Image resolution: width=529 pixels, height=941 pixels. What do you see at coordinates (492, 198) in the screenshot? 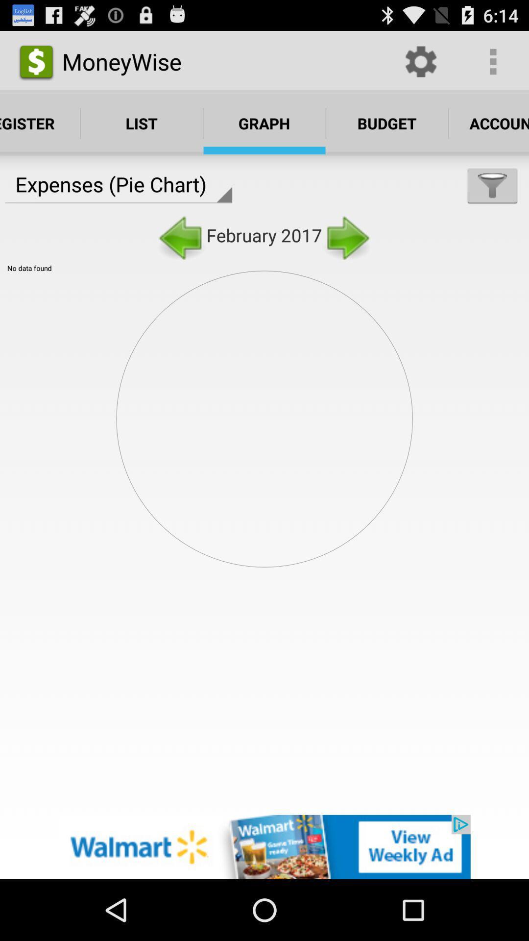
I see `the filter icon` at bounding box center [492, 198].